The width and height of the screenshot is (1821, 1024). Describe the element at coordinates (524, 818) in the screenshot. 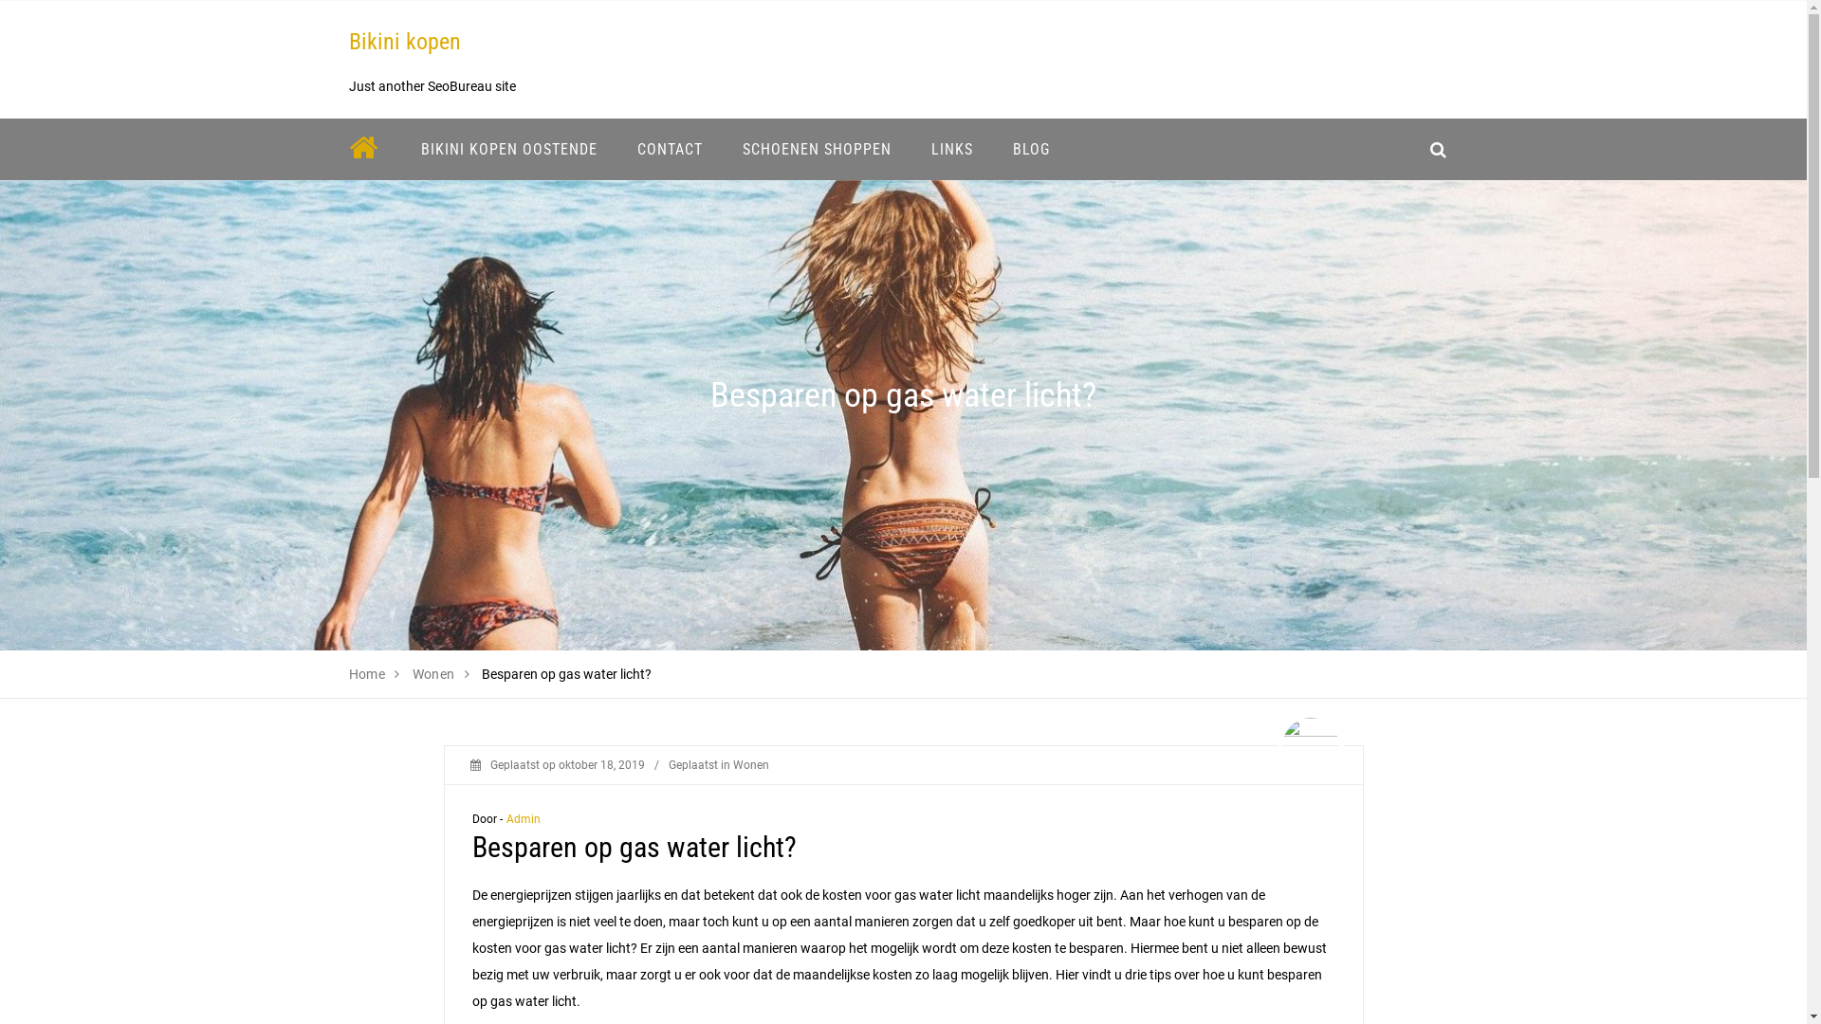

I see `'Admin'` at that location.